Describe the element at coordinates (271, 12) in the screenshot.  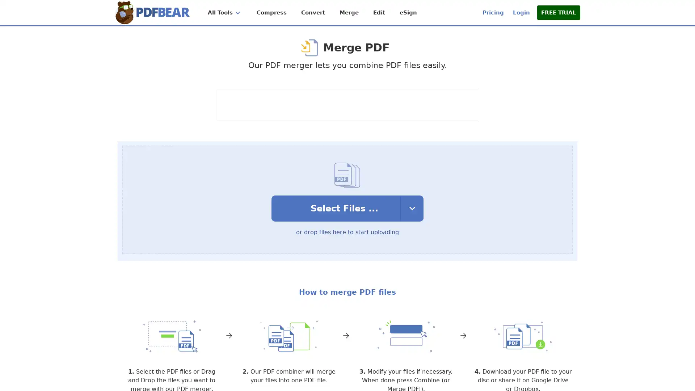
I see `Compress` at that location.